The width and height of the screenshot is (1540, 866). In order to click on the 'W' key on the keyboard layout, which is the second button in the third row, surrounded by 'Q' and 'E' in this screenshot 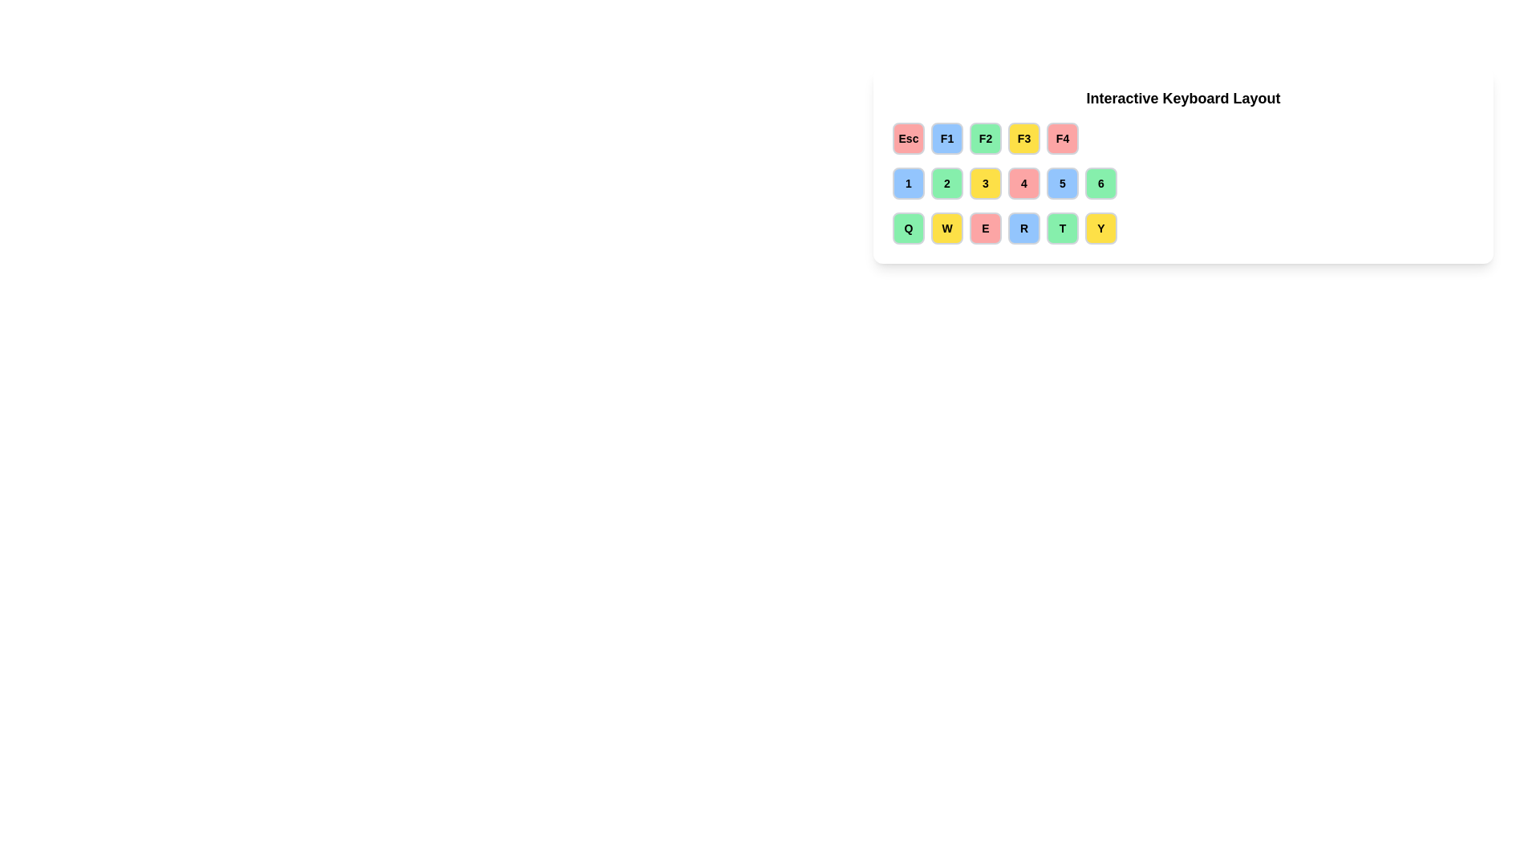, I will do `click(946, 229)`.